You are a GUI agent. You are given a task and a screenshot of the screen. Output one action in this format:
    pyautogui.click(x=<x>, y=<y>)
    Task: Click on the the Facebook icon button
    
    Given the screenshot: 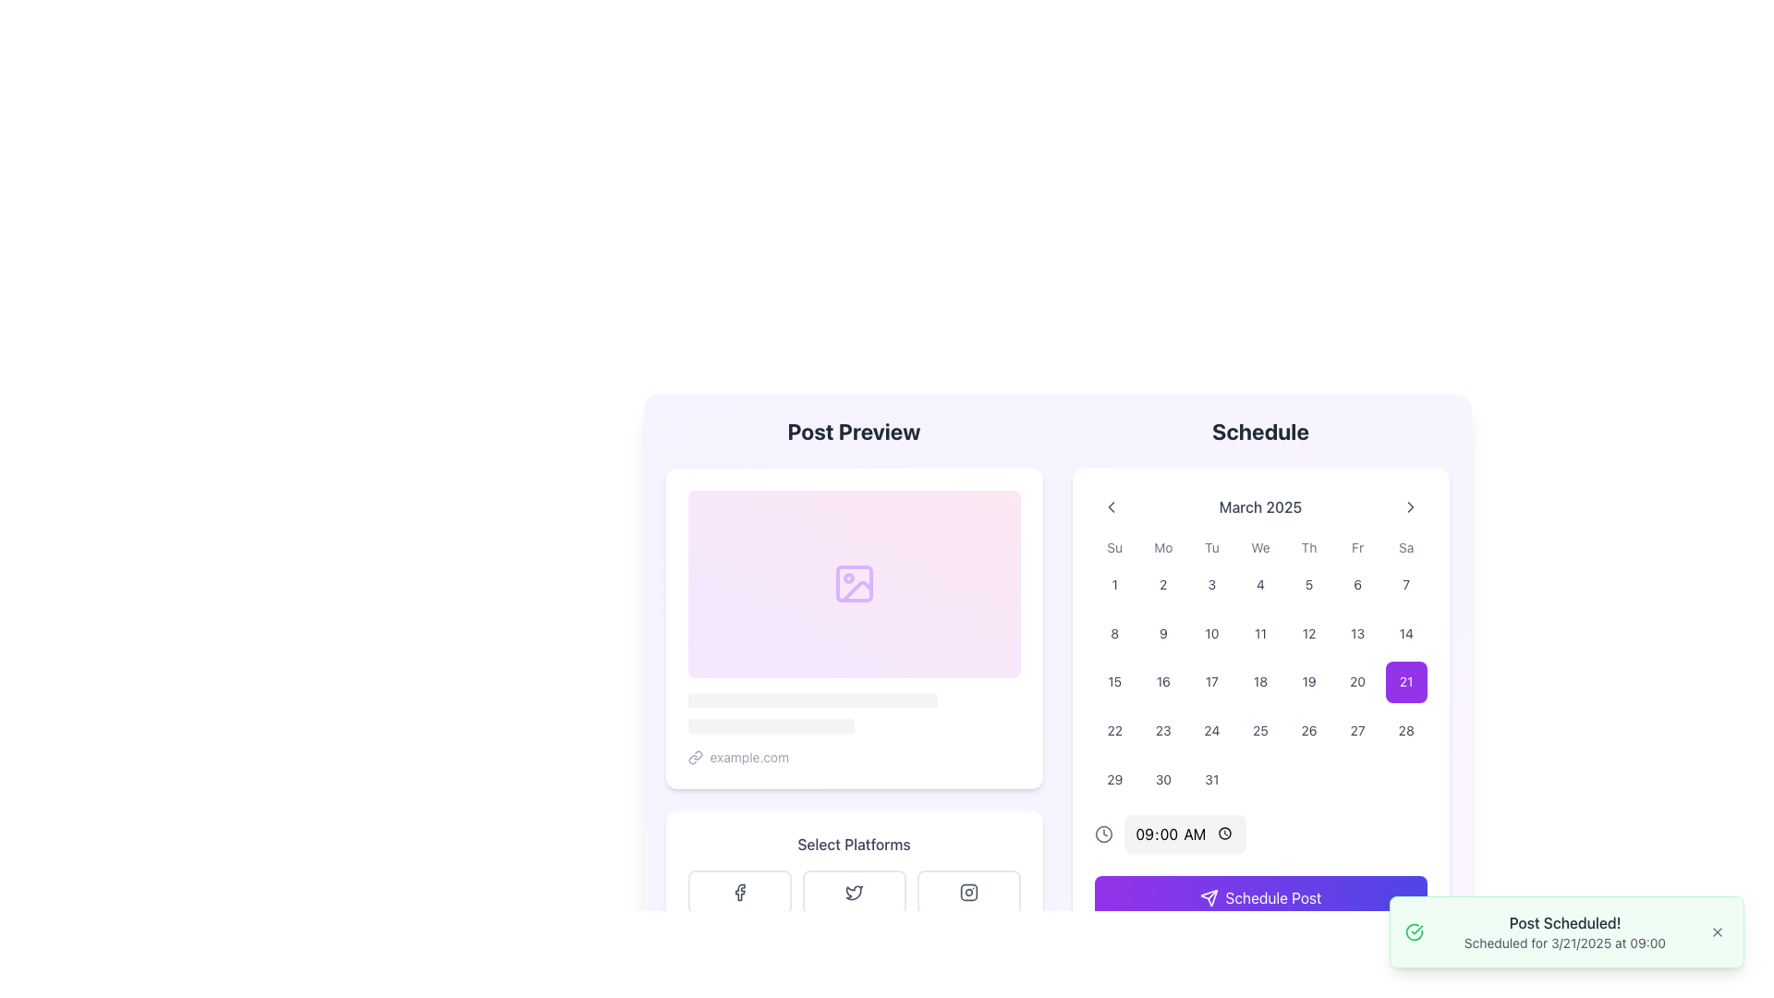 What is the action you would take?
    pyautogui.click(x=739, y=891)
    